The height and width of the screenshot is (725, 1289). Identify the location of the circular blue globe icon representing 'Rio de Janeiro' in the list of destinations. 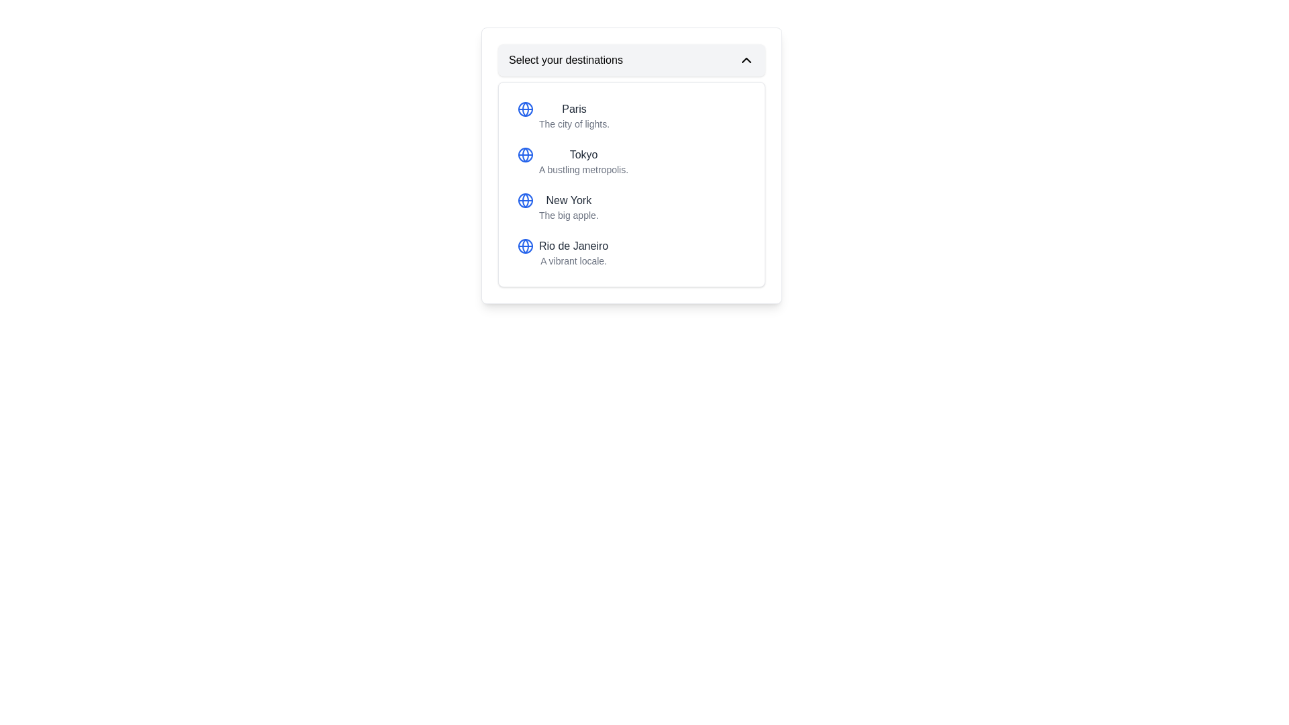
(524, 246).